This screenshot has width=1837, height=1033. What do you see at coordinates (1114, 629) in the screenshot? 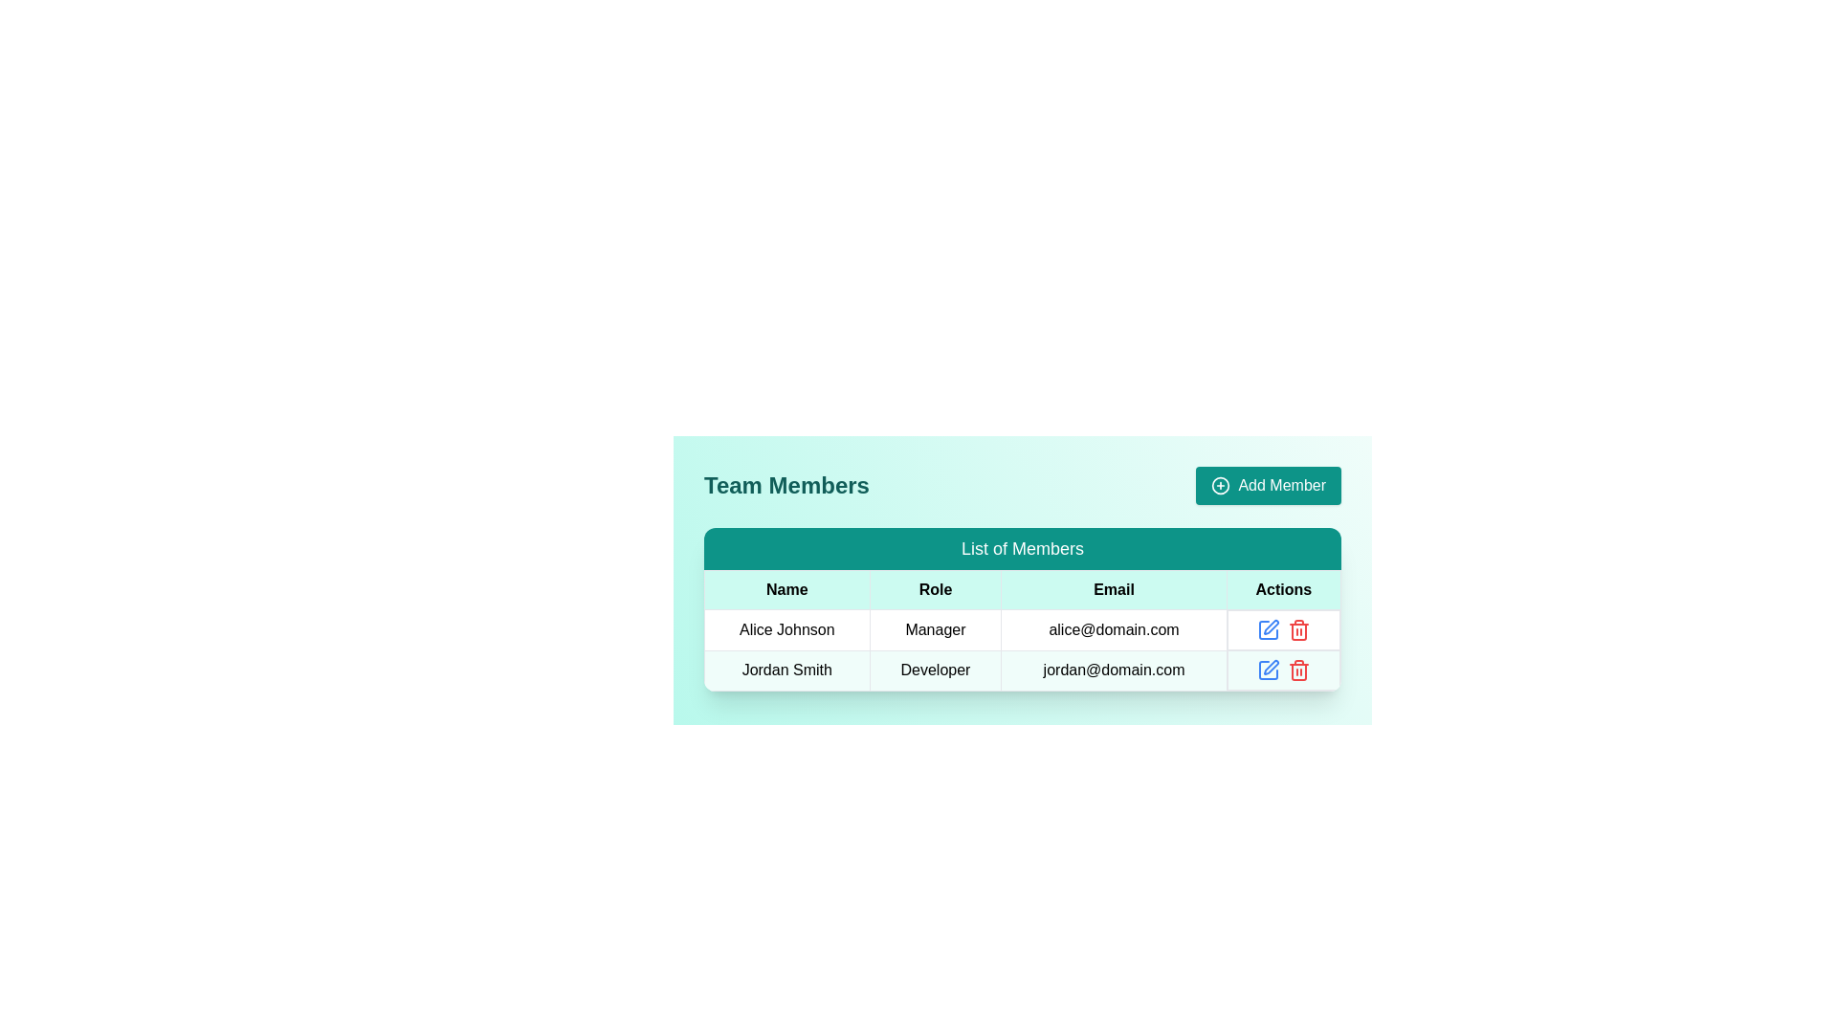
I see `the text-based UI component containing the email address 'alice@domain.com', which is the third cell in the first data row of the table under the 'Email' column` at bounding box center [1114, 629].